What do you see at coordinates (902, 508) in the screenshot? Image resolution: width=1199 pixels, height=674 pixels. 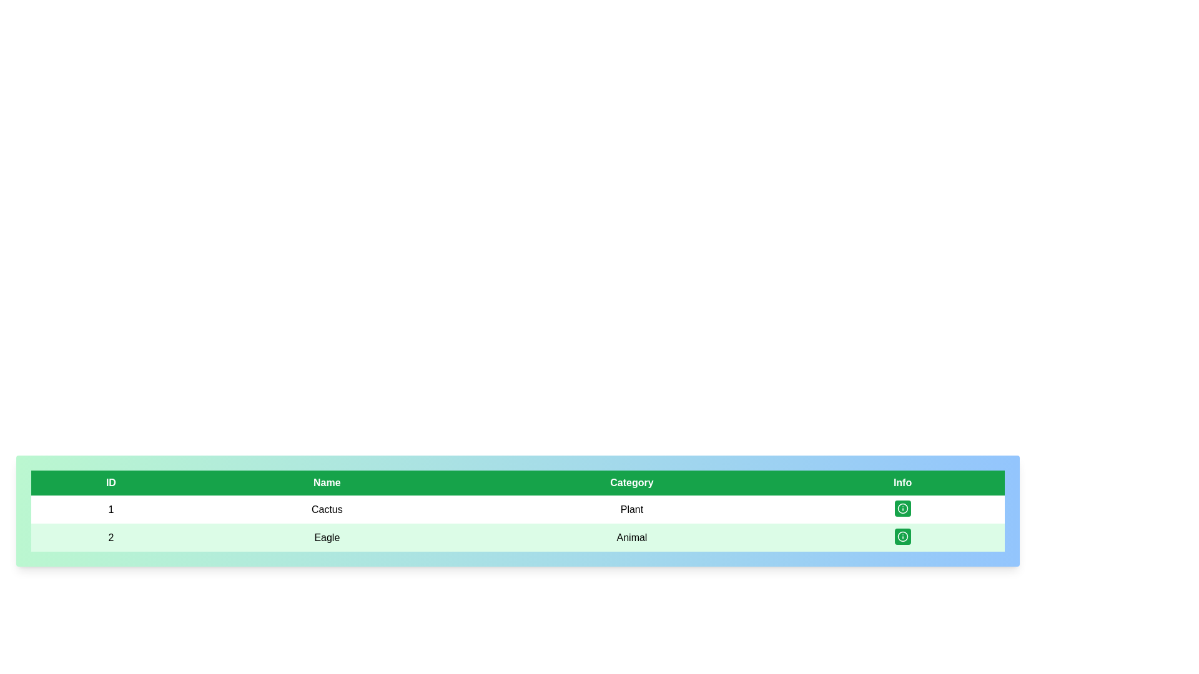 I see `the small circular icon button with an 'i' symbol, which has a green background and is located in the 'Info' column of the first row in the data table` at bounding box center [902, 508].